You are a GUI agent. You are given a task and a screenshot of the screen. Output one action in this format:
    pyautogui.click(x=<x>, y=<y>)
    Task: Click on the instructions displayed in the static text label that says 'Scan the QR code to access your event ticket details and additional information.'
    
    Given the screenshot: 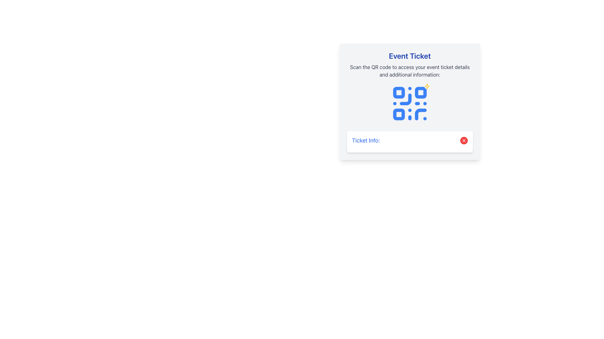 What is the action you would take?
    pyautogui.click(x=410, y=71)
    